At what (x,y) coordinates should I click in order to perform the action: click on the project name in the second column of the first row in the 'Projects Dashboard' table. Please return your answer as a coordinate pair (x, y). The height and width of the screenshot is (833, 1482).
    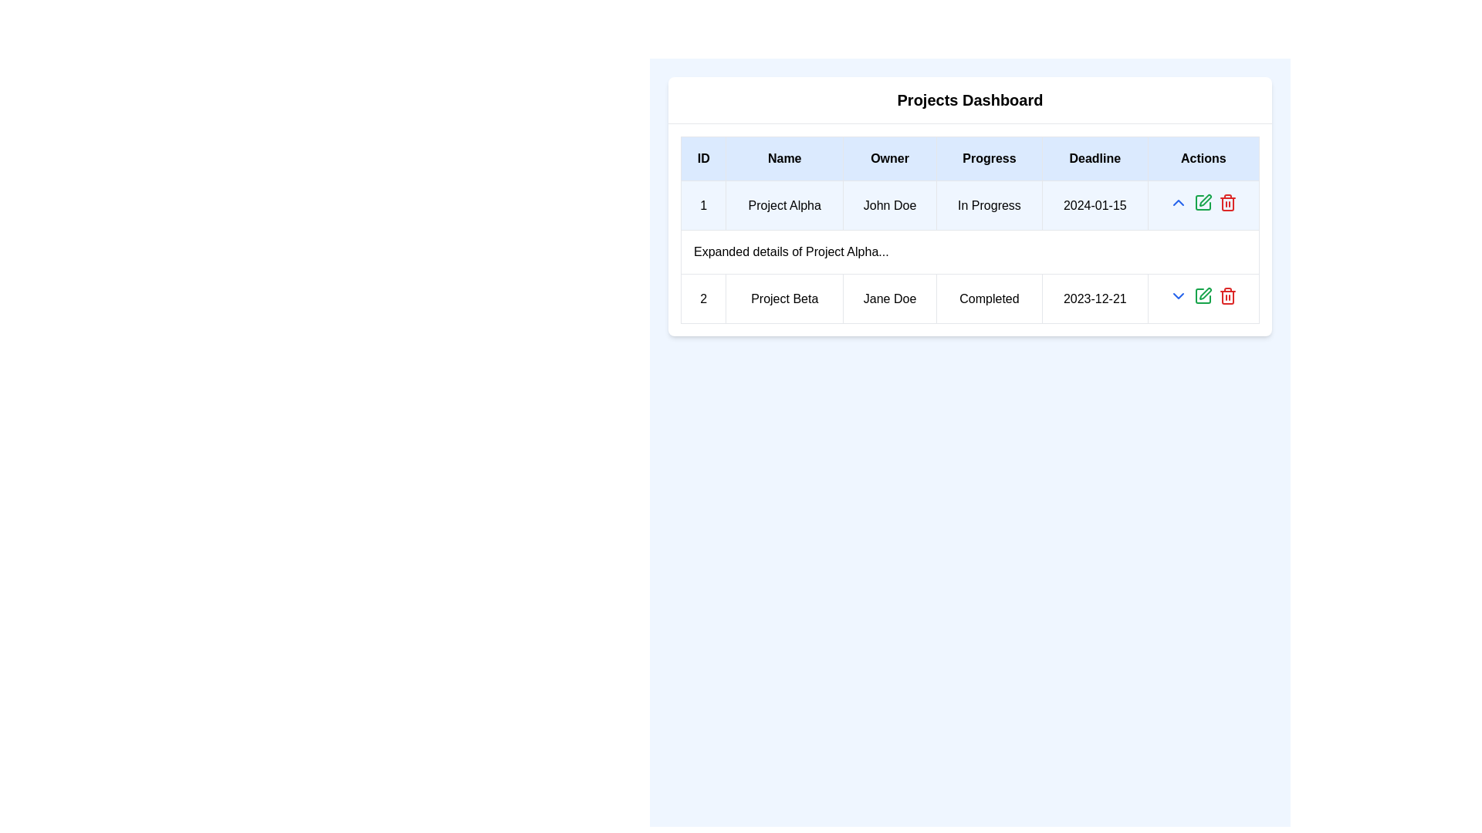
    Looking at the image, I should click on (784, 204).